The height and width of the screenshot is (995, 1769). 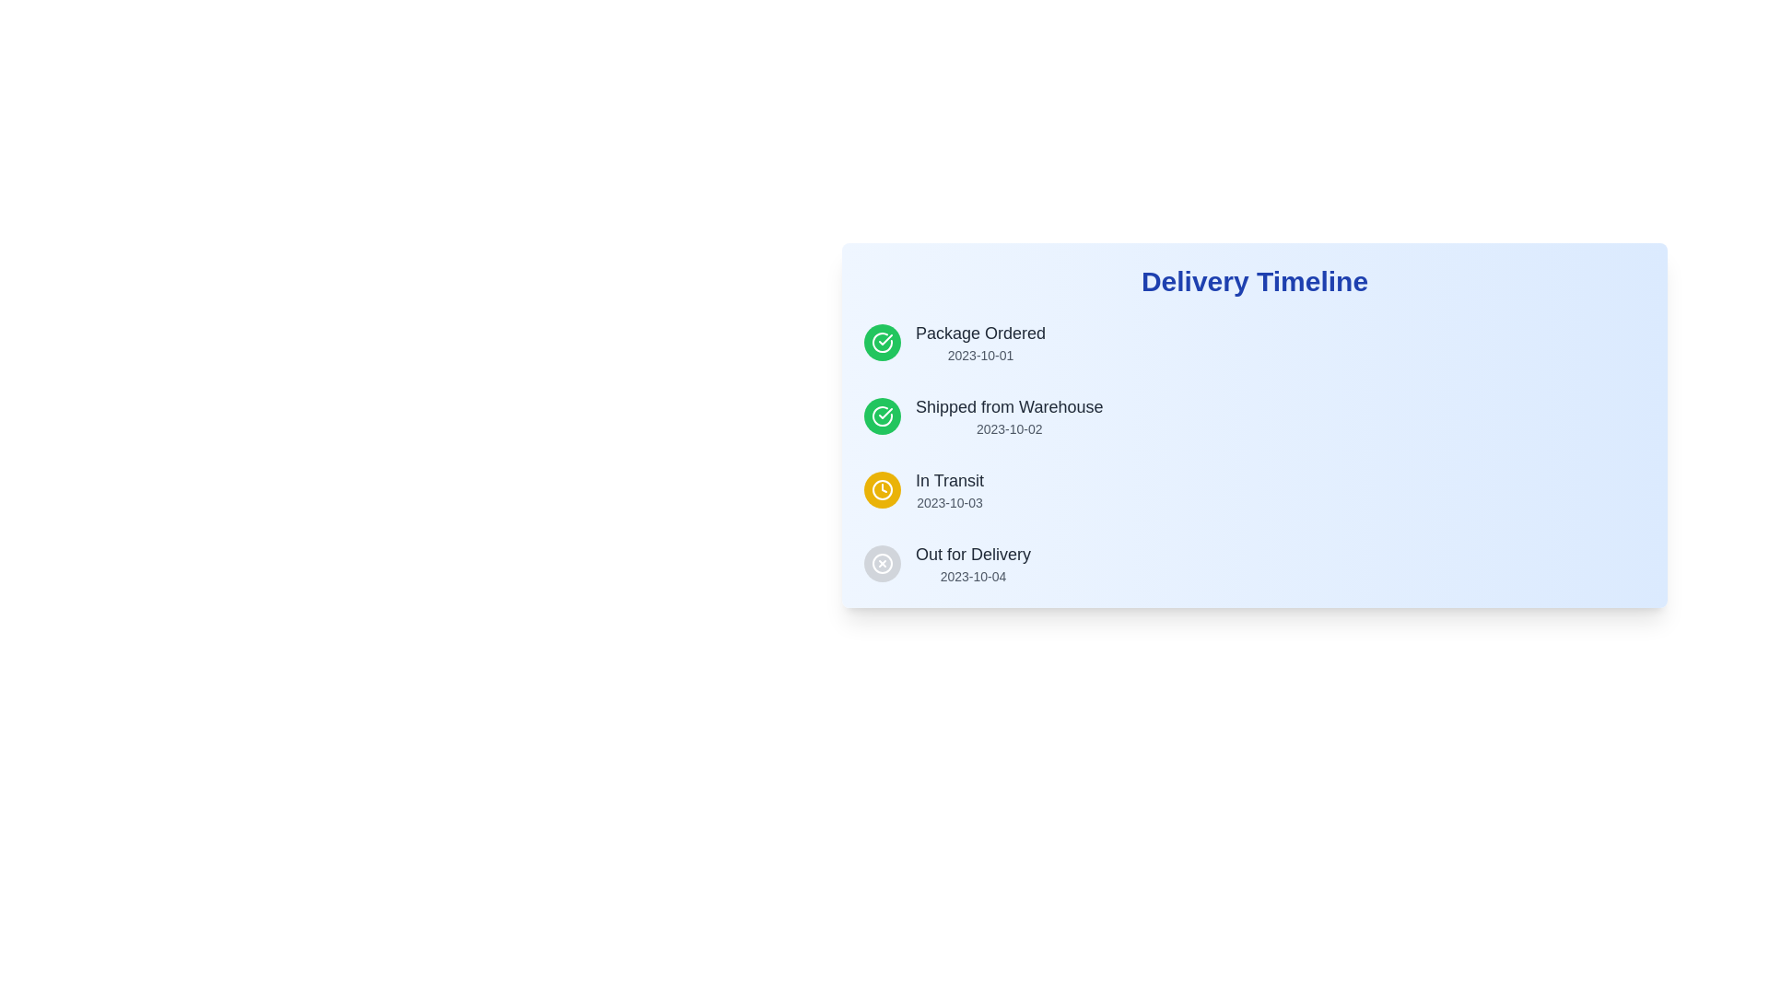 I want to click on the 'Out for Delivery' status indicator icon, which is the fourth item in the vertical timeline on the right side of the interface, visually represented within a circular background, so click(x=882, y=563).